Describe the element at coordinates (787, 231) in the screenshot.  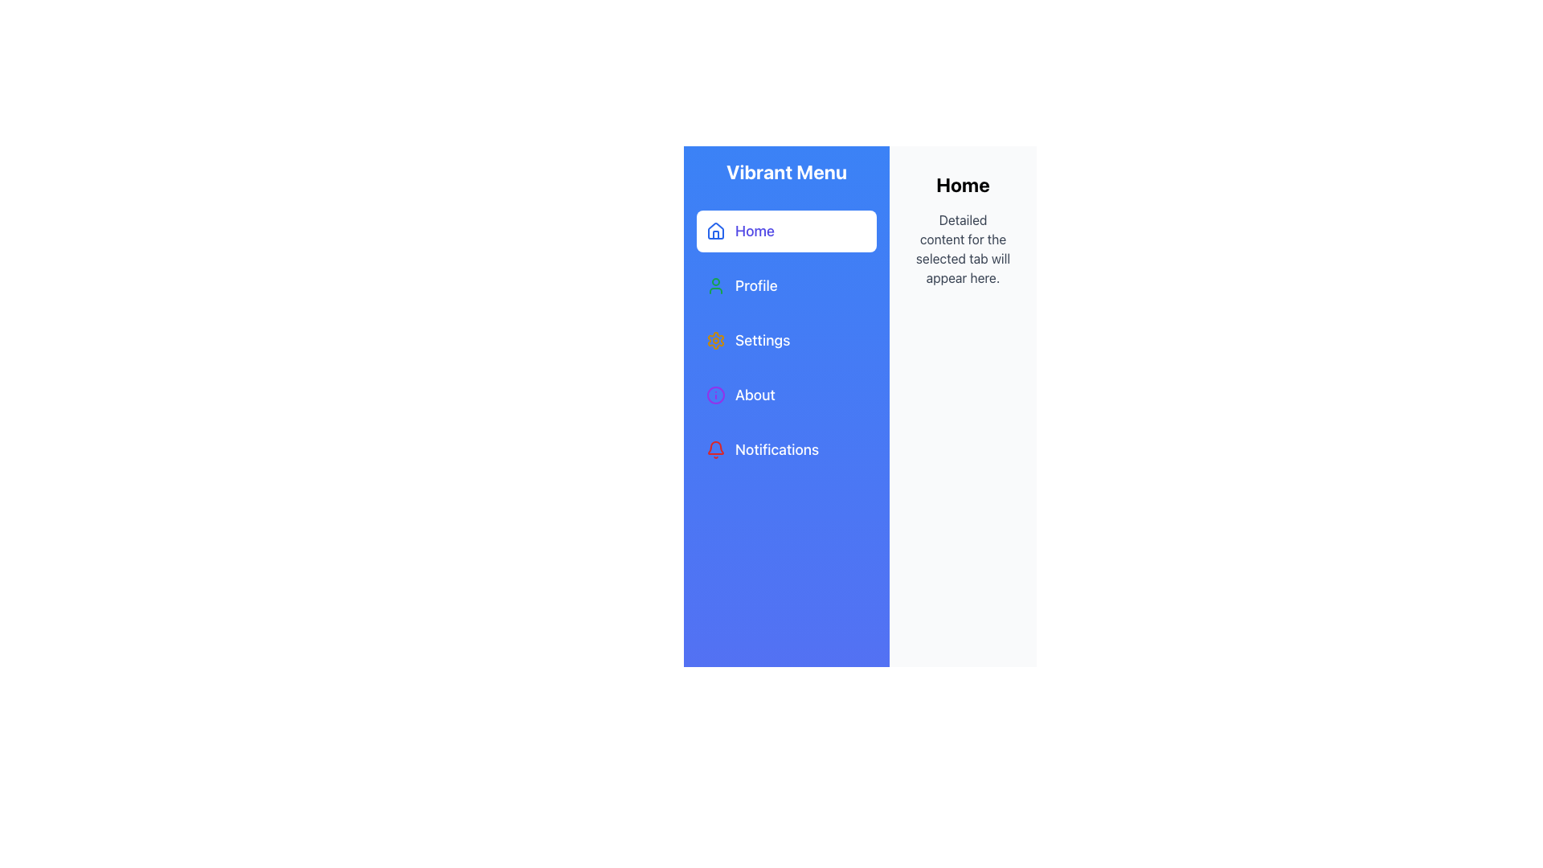
I see `the 'Home' button located at the top-left corner of the menu, just below 'Vibrant Menu' and above 'Profile'` at that location.